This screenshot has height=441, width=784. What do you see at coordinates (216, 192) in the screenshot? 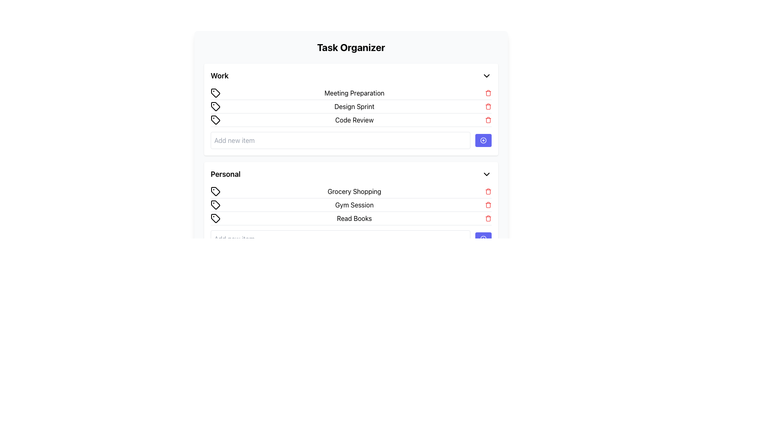
I see `the SVG-based icon representing 'Grocery Shopping' located in the 'Personal' section of the task management interface` at bounding box center [216, 192].